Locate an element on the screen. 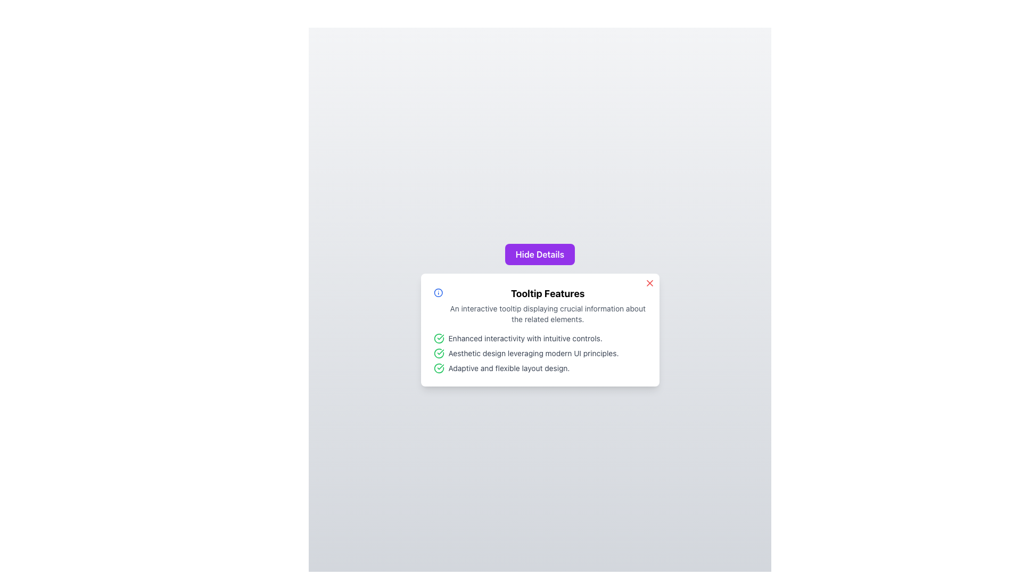  the button that hides the tooltip is located at coordinates (540, 254).